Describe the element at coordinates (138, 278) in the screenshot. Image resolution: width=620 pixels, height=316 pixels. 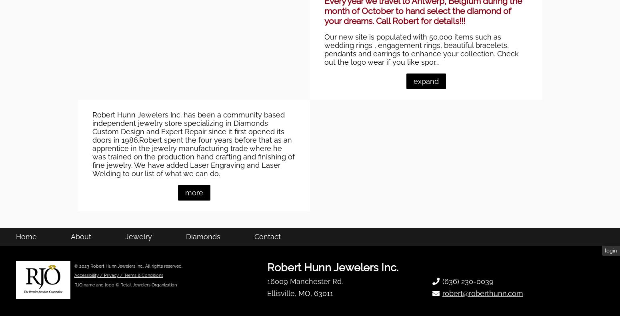
I see `'Jewelry'` at that location.